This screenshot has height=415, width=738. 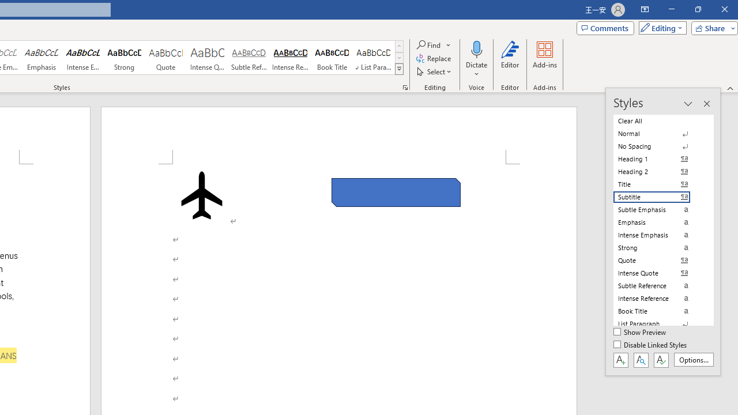 What do you see at coordinates (651, 345) in the screenshot?
I see `'Disable Linked Styles'` at bounding box center [651, 345].